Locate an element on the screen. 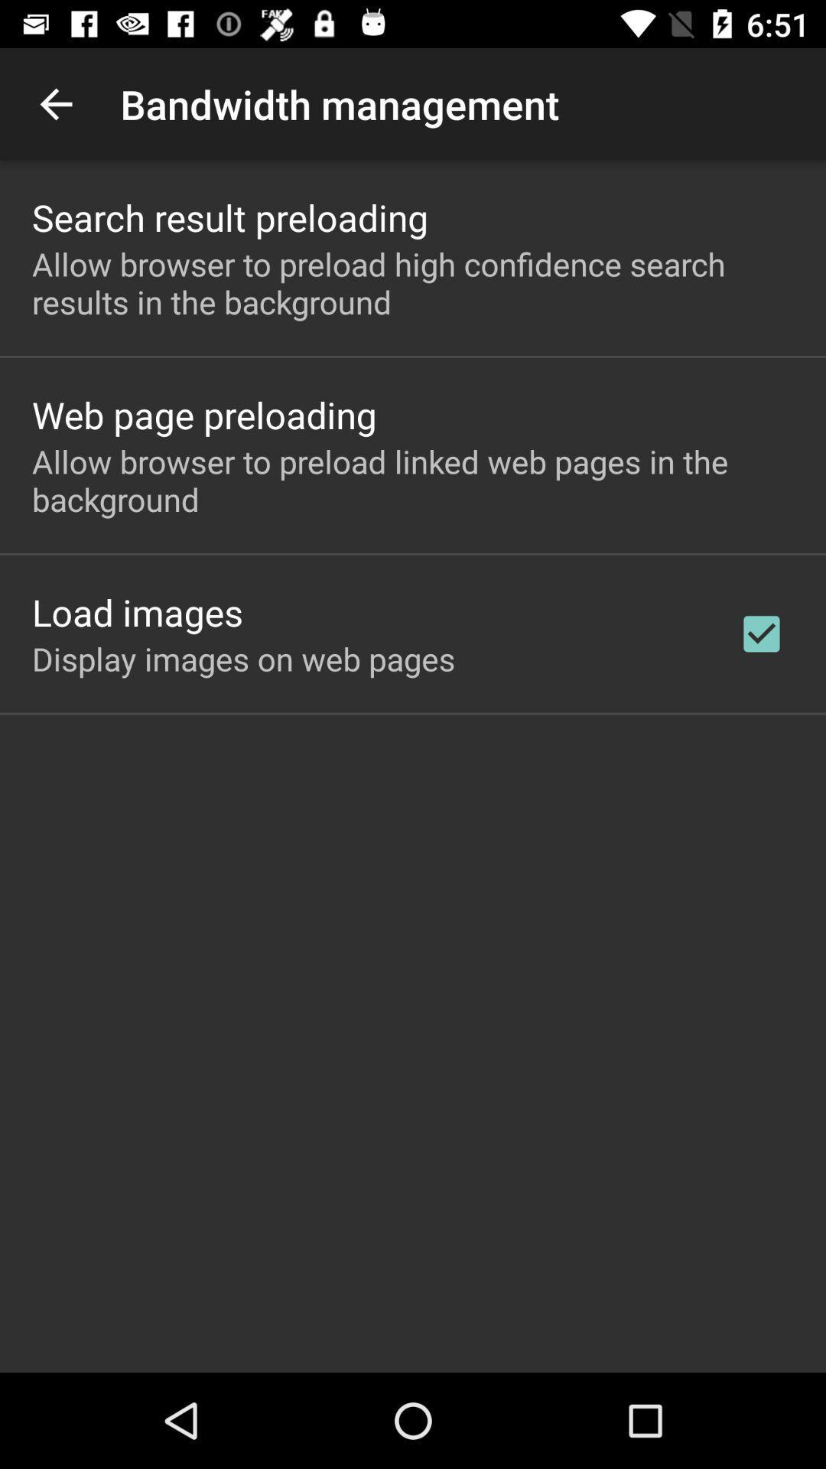 The image size is (826, 1469). app to the right of the display images on app is located at coordinates (761, 634).